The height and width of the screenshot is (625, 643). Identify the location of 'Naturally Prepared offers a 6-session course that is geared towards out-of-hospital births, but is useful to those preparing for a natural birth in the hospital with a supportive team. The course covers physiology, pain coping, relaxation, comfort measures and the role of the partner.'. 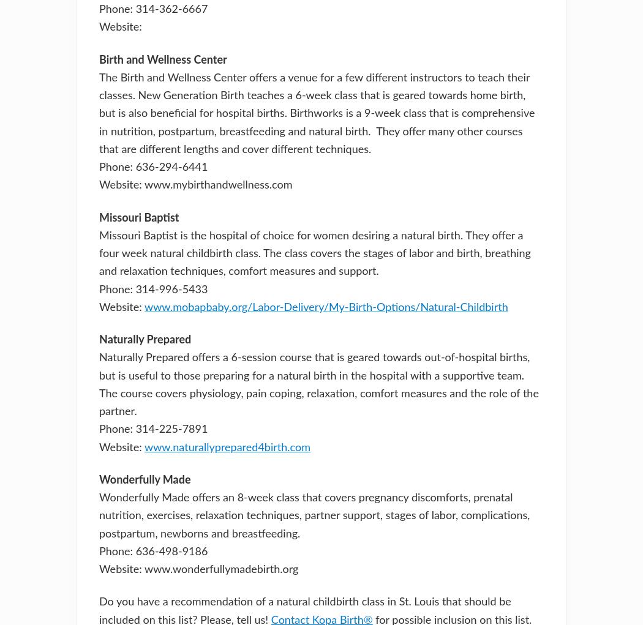
(318, 384).